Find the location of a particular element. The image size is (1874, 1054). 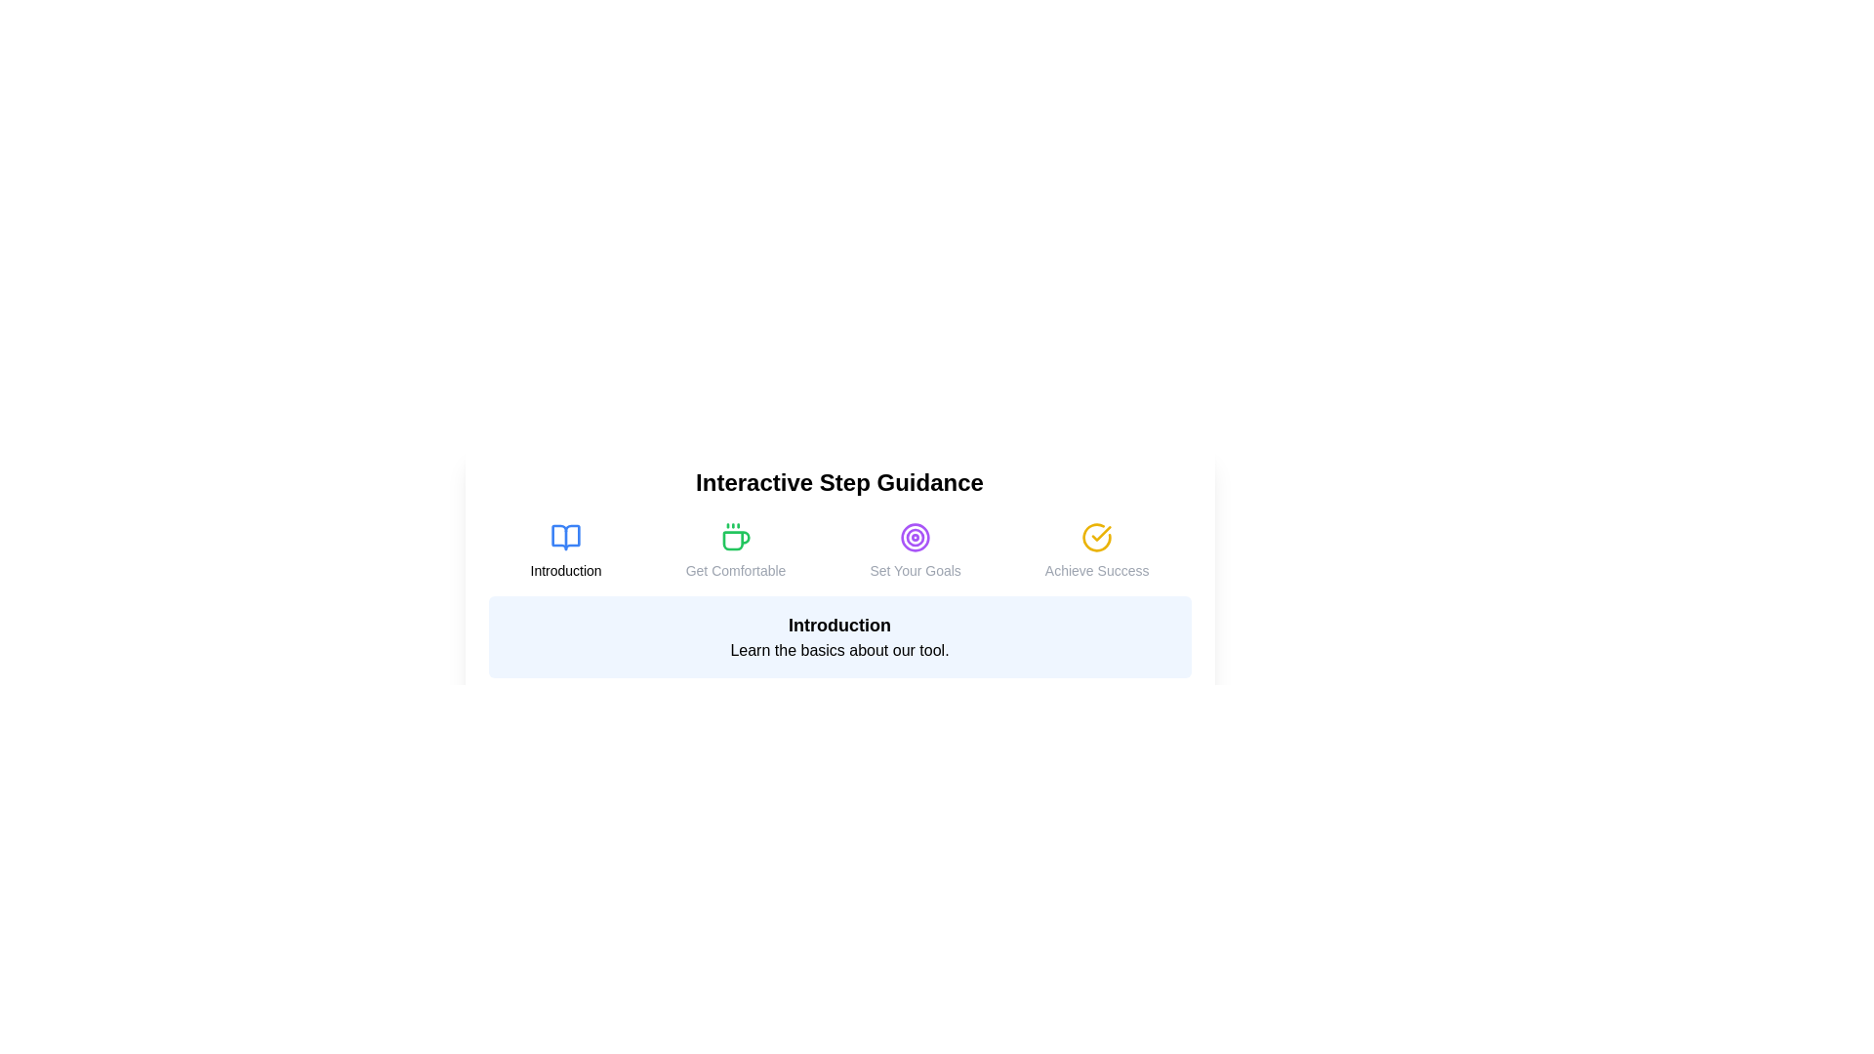

the text label indicating the task 'Get Comfortable' located beneath the green coffee cup icon in the step guidance section is located at coordinates (734, 571).